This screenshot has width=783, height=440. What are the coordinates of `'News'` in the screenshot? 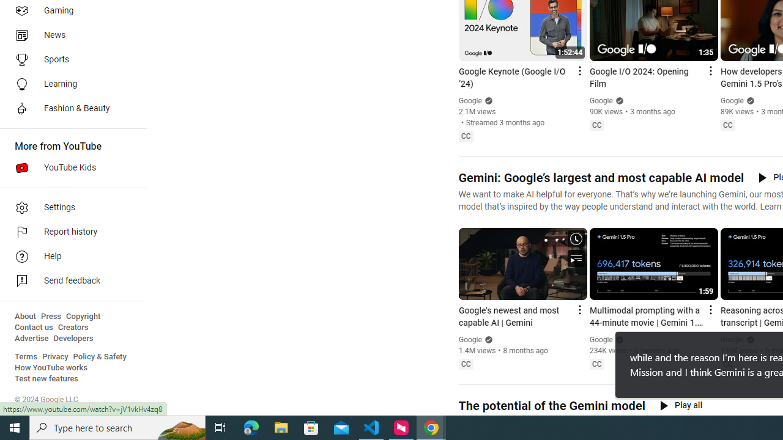 It's located at (69, 34).